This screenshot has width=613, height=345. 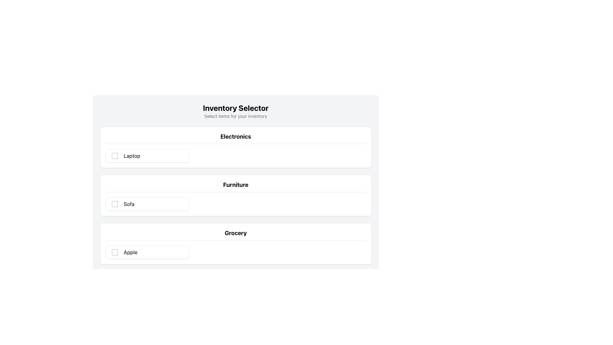 What do you see at coordinates (115, 204) in the screenshot?
I see `square outline icon styled with a light gray color located to the left of the text 'Sofa' in the Furniture category section` at bounding box center [115, 204].